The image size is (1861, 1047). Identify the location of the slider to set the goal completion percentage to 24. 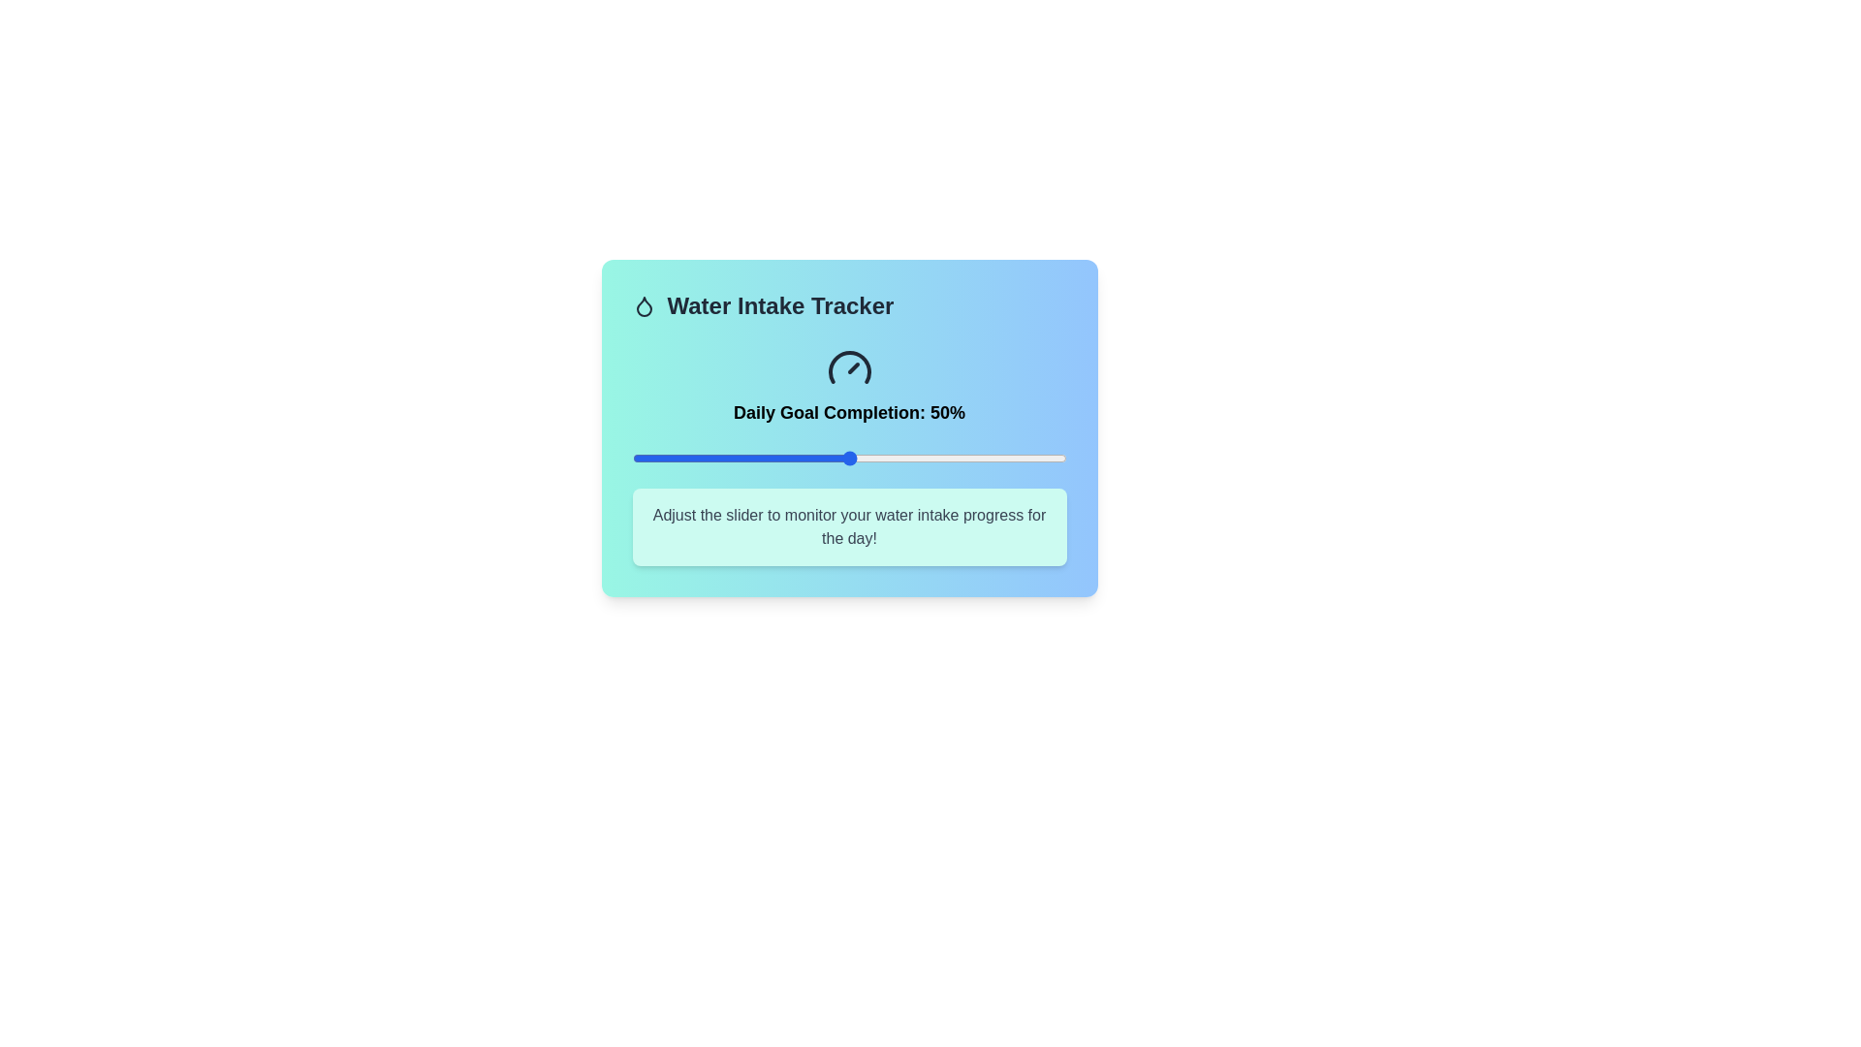
(735, 459).